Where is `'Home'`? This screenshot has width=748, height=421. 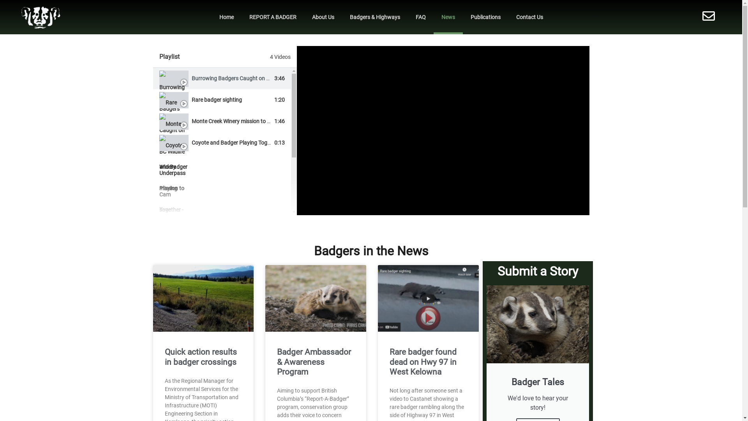 'Home' is located at coordinates (226, 17).